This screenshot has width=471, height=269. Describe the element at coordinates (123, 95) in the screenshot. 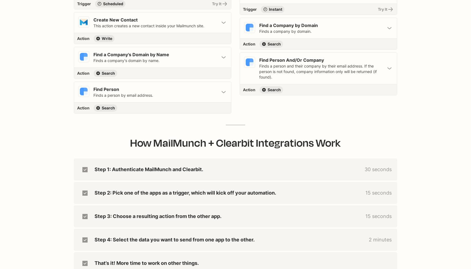

I see `'Finds a person by email address.'` at that location.